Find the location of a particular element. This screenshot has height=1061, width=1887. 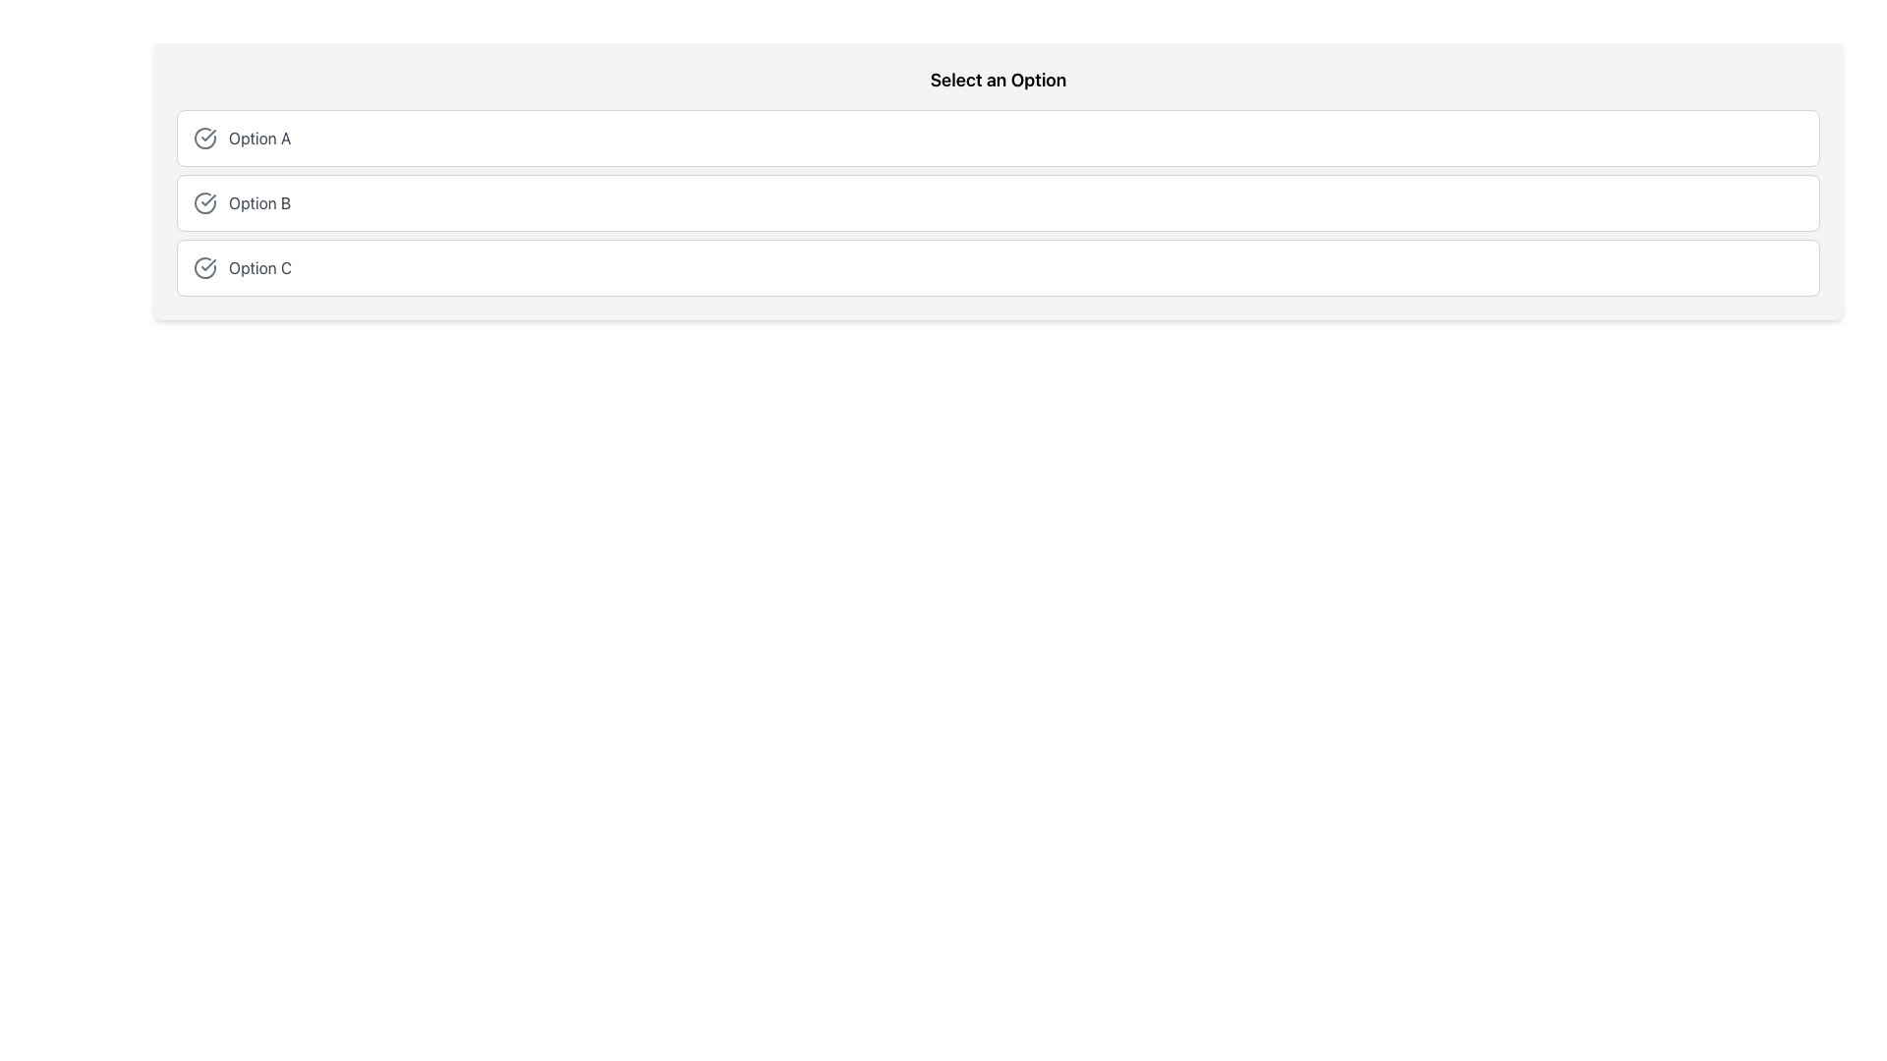

text label indicating 'Option B' which is centrally aligned in the box next to the circular icon is located at coordinates (258, 203).